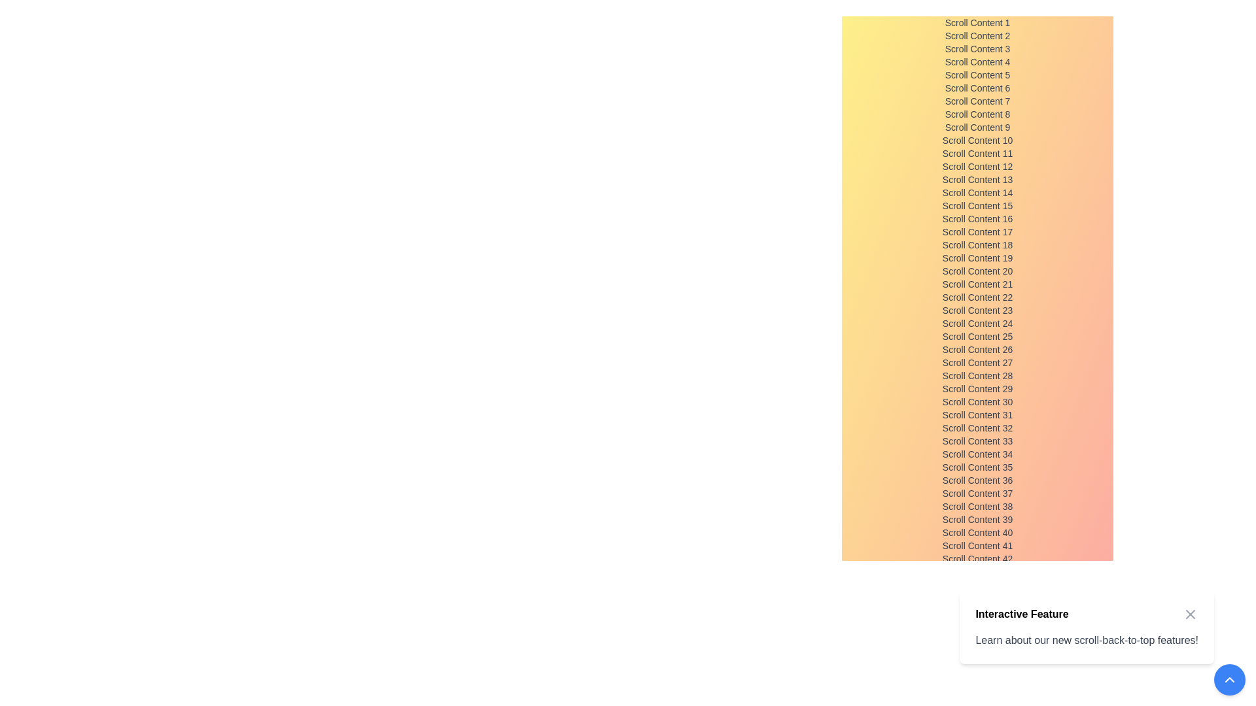 The height and width of the screenshot is (706, 1256). What do you see at coordinates (977, 206) in the screenshot?
I see `the static text label that reads 'Scroll Content 15', which is styled with a gray font and positioned at the 15th position in a vertically scrollable list` at bounding box center [977, 206].